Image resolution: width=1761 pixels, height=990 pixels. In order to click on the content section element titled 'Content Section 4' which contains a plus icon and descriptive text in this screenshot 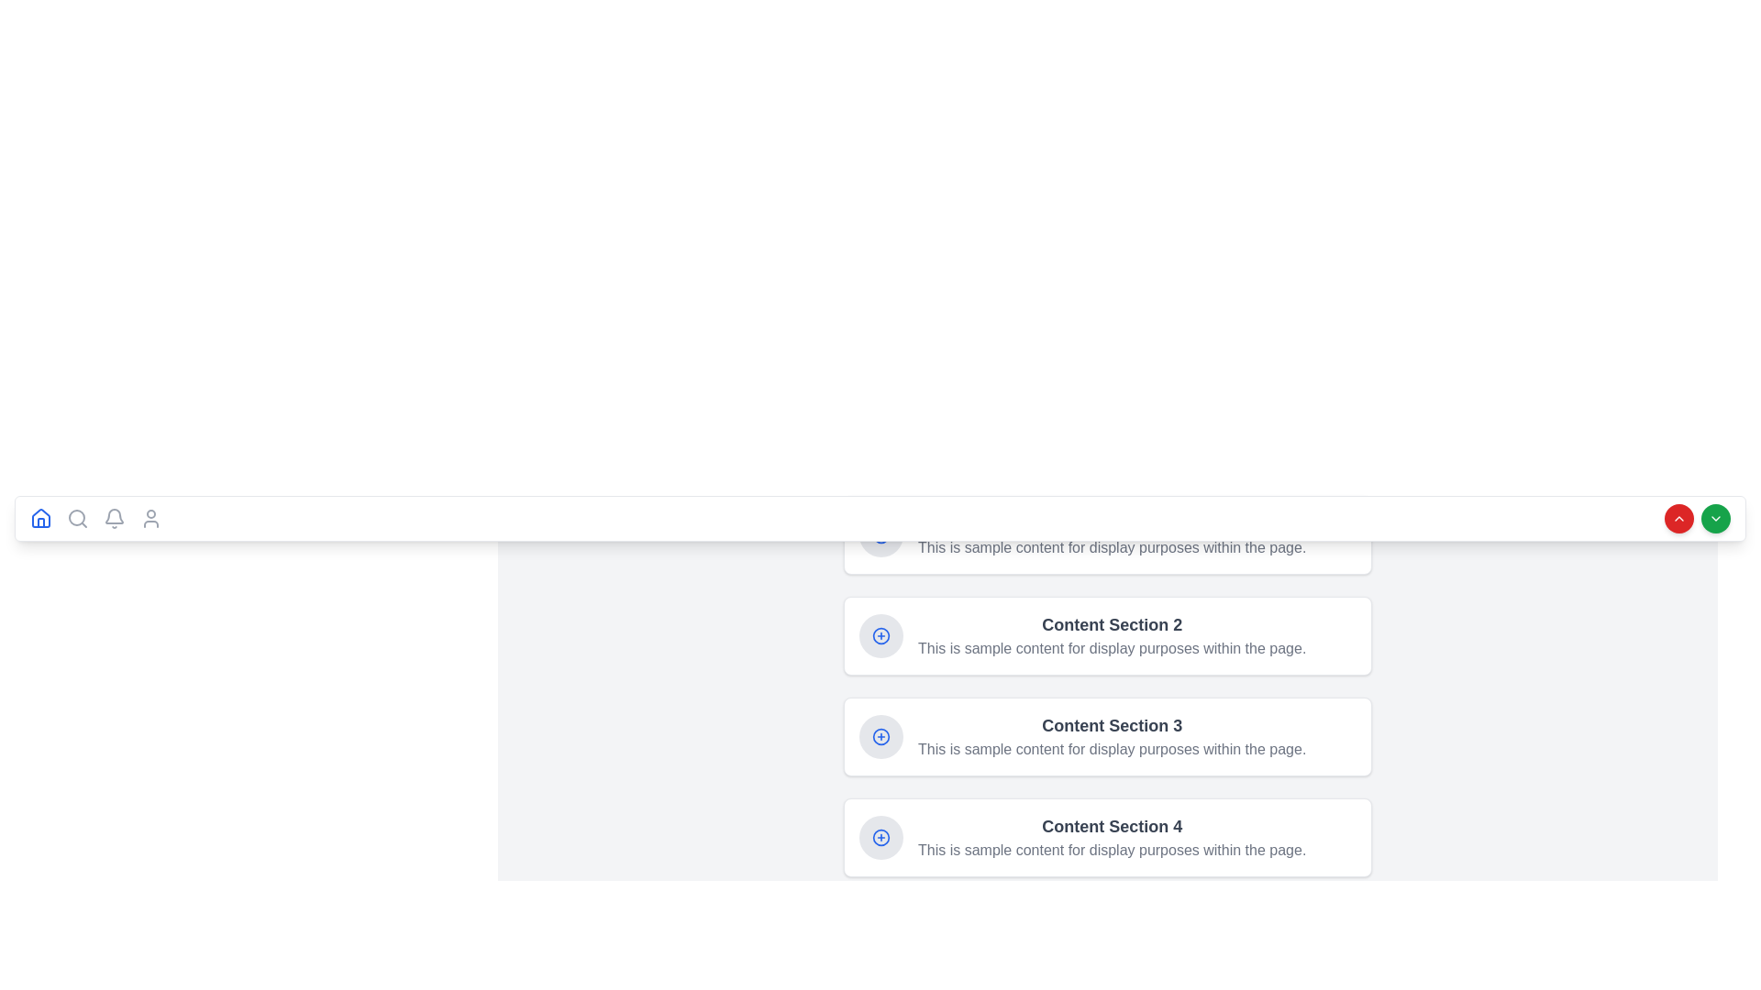, I will do `click(1107, 838)`.